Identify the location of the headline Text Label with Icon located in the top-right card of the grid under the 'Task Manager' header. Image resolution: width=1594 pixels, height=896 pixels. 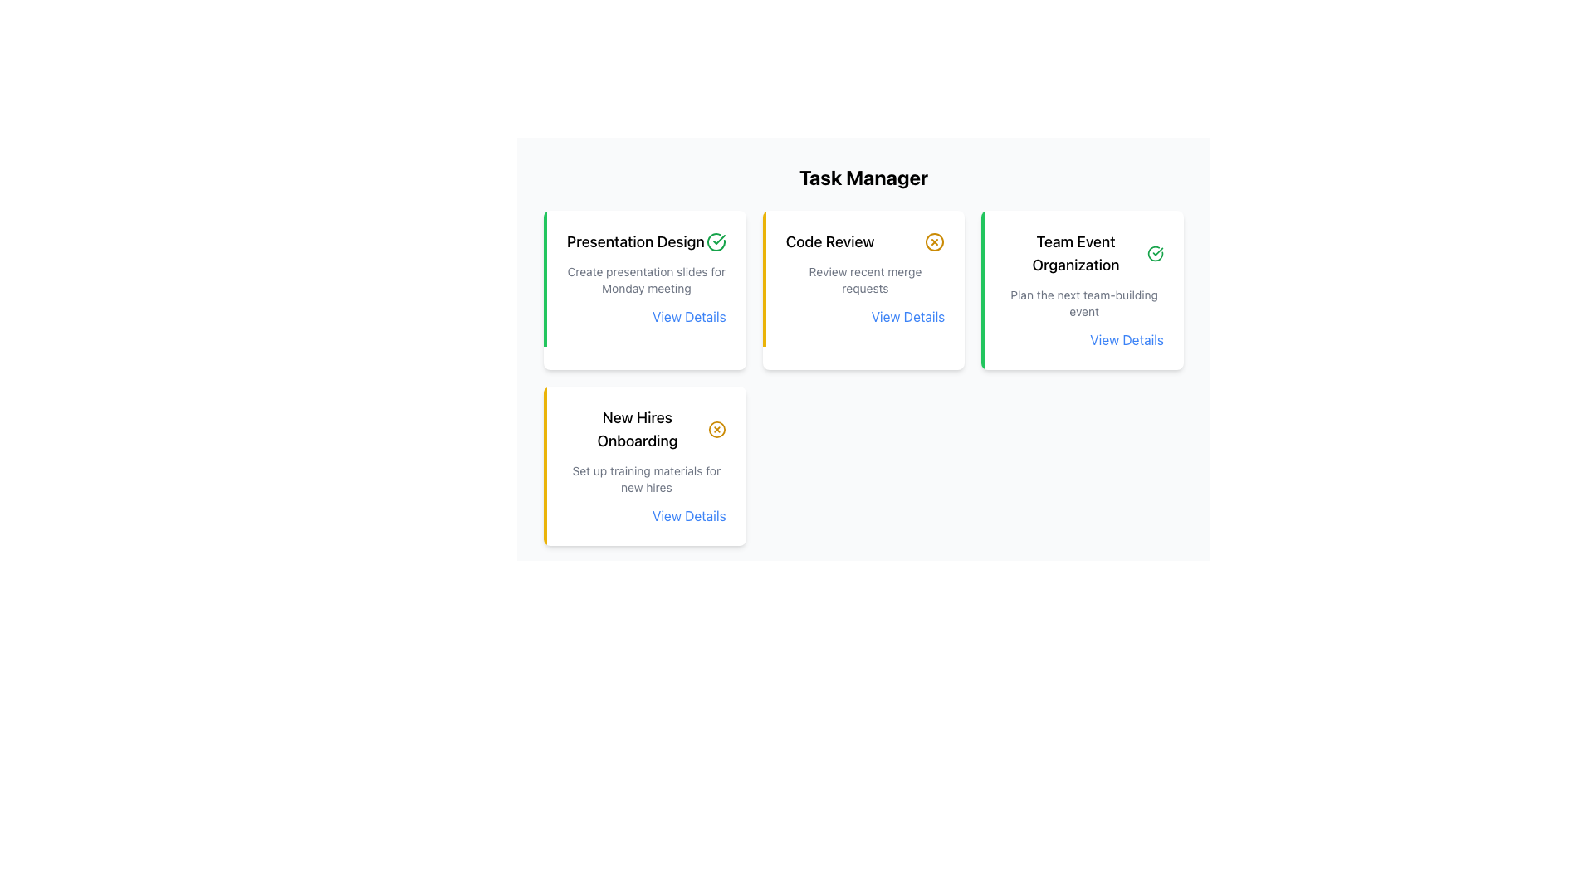
(864, 242).